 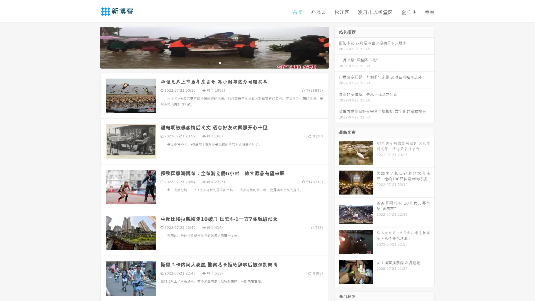 I want to click on Go to slide 2, so click(x=214, y=63).